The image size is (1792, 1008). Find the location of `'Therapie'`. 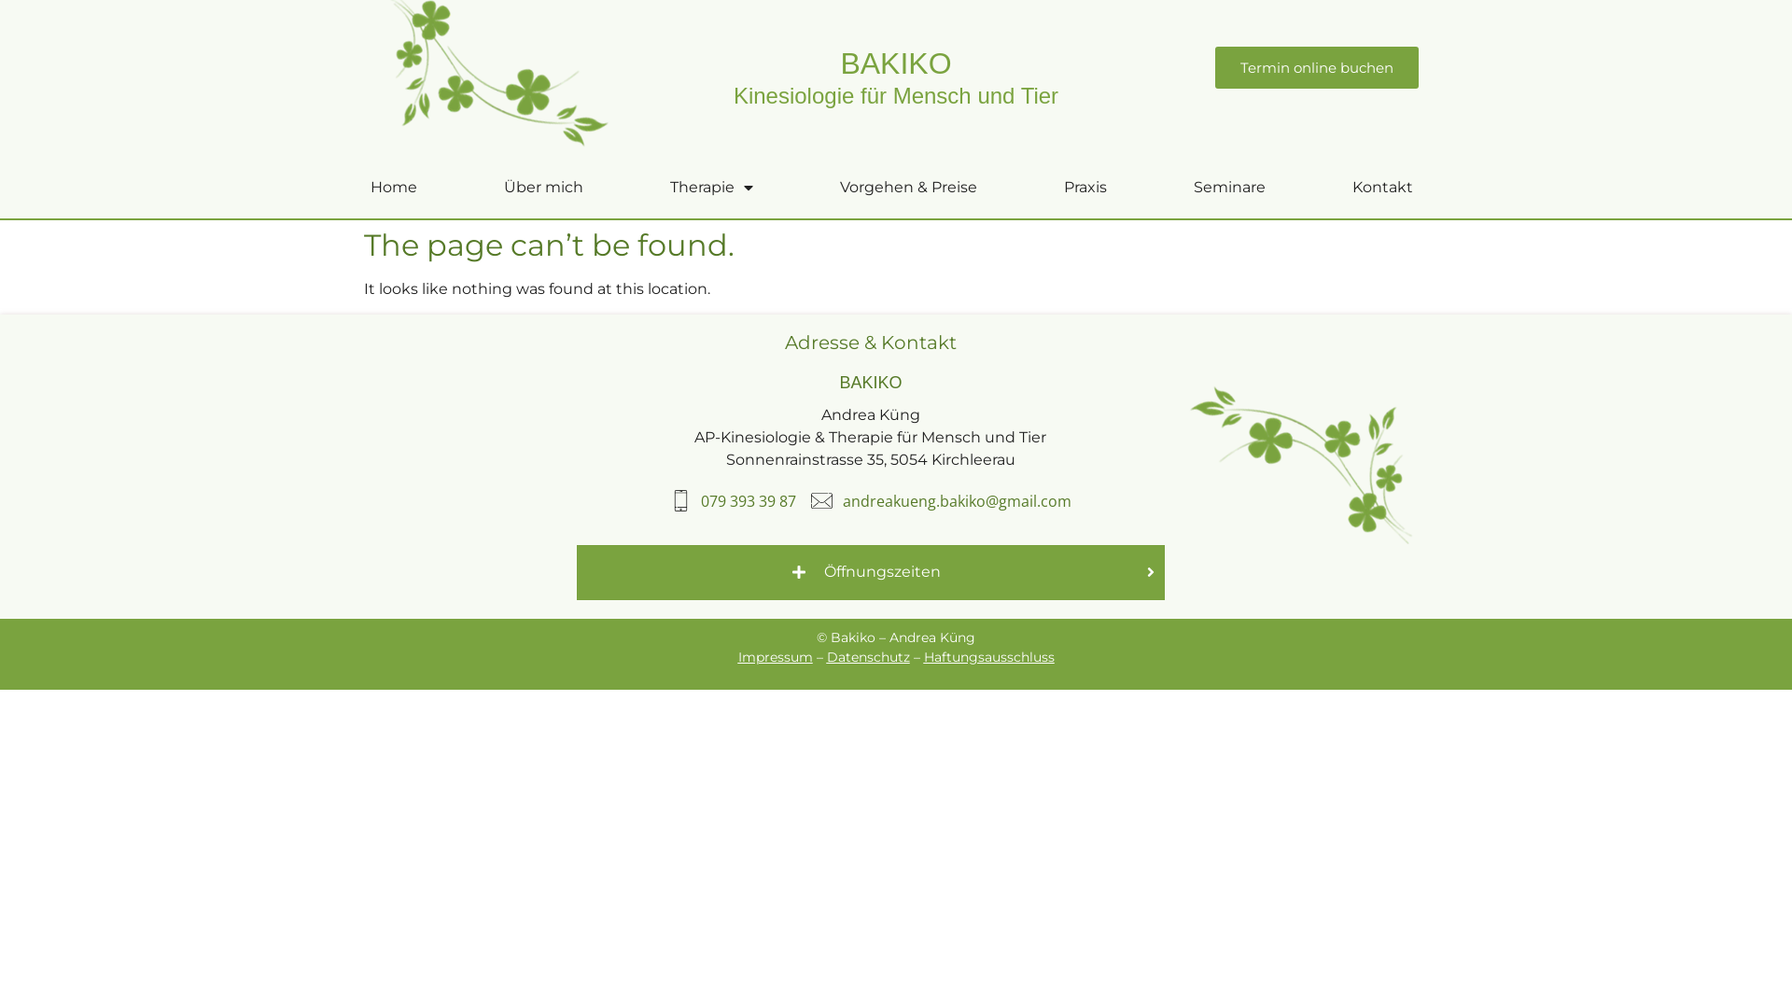

'Therapie' is located at coordinates (710, 187).